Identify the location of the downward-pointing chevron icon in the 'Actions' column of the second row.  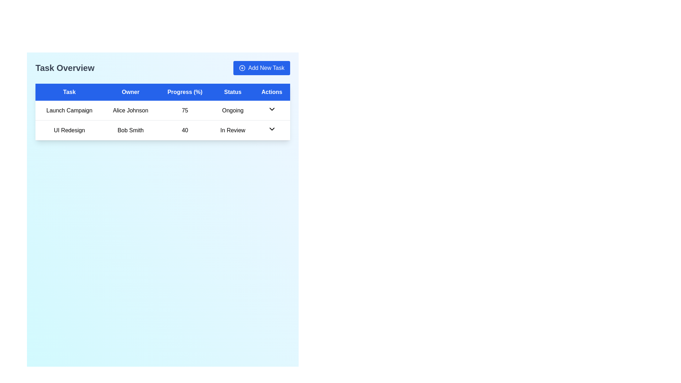
(271, 129).